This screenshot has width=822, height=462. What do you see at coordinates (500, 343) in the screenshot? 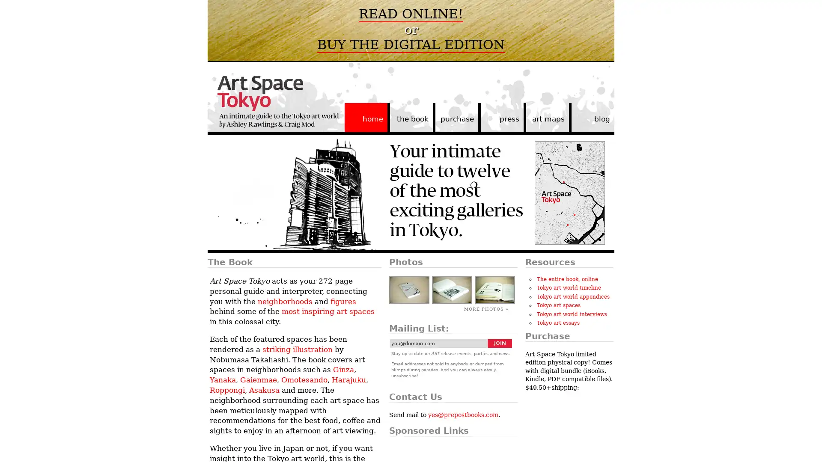
I see `Join` at bounding box center [500, 343].